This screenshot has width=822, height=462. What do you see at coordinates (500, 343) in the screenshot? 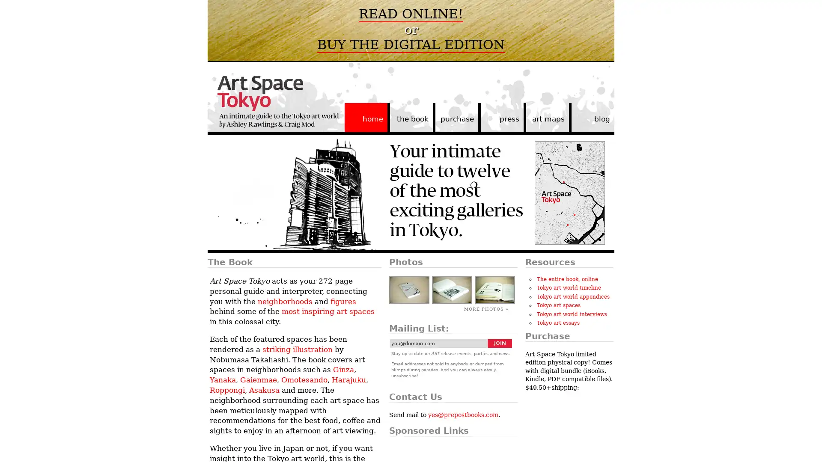
I see `Join` at bounding box center [500, 343].